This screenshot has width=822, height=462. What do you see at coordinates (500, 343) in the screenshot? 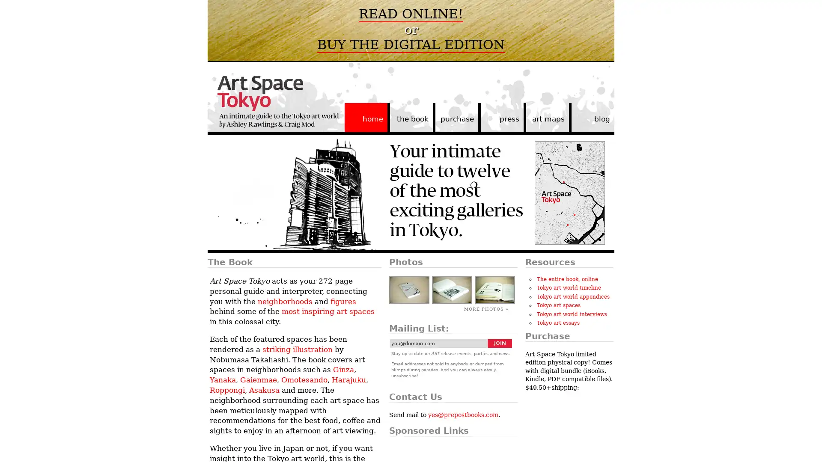
I see `Join` at bounding box center [500, 343].